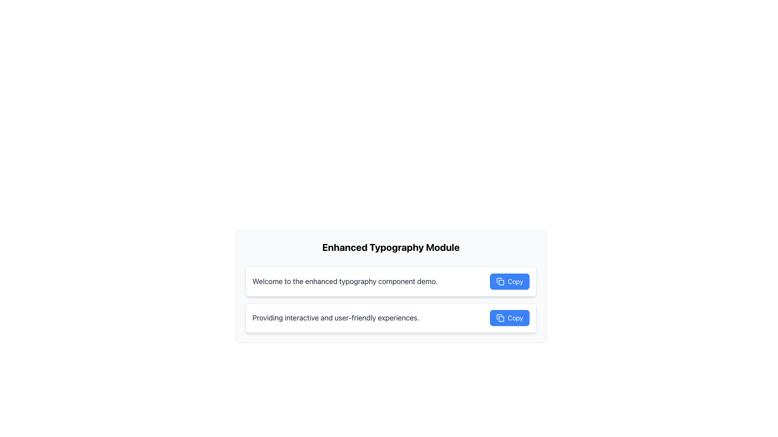 The height and width of the screenshot is (437, 778). What do you see at coordinates (509, 281) in the screenshot?
I see `the copy button located in the top-right section of the typography module` at bounding box center [509, 281].